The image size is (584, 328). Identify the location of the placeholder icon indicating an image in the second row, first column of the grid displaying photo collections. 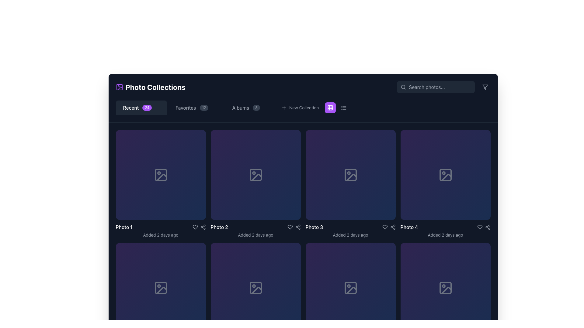
(161, 288).